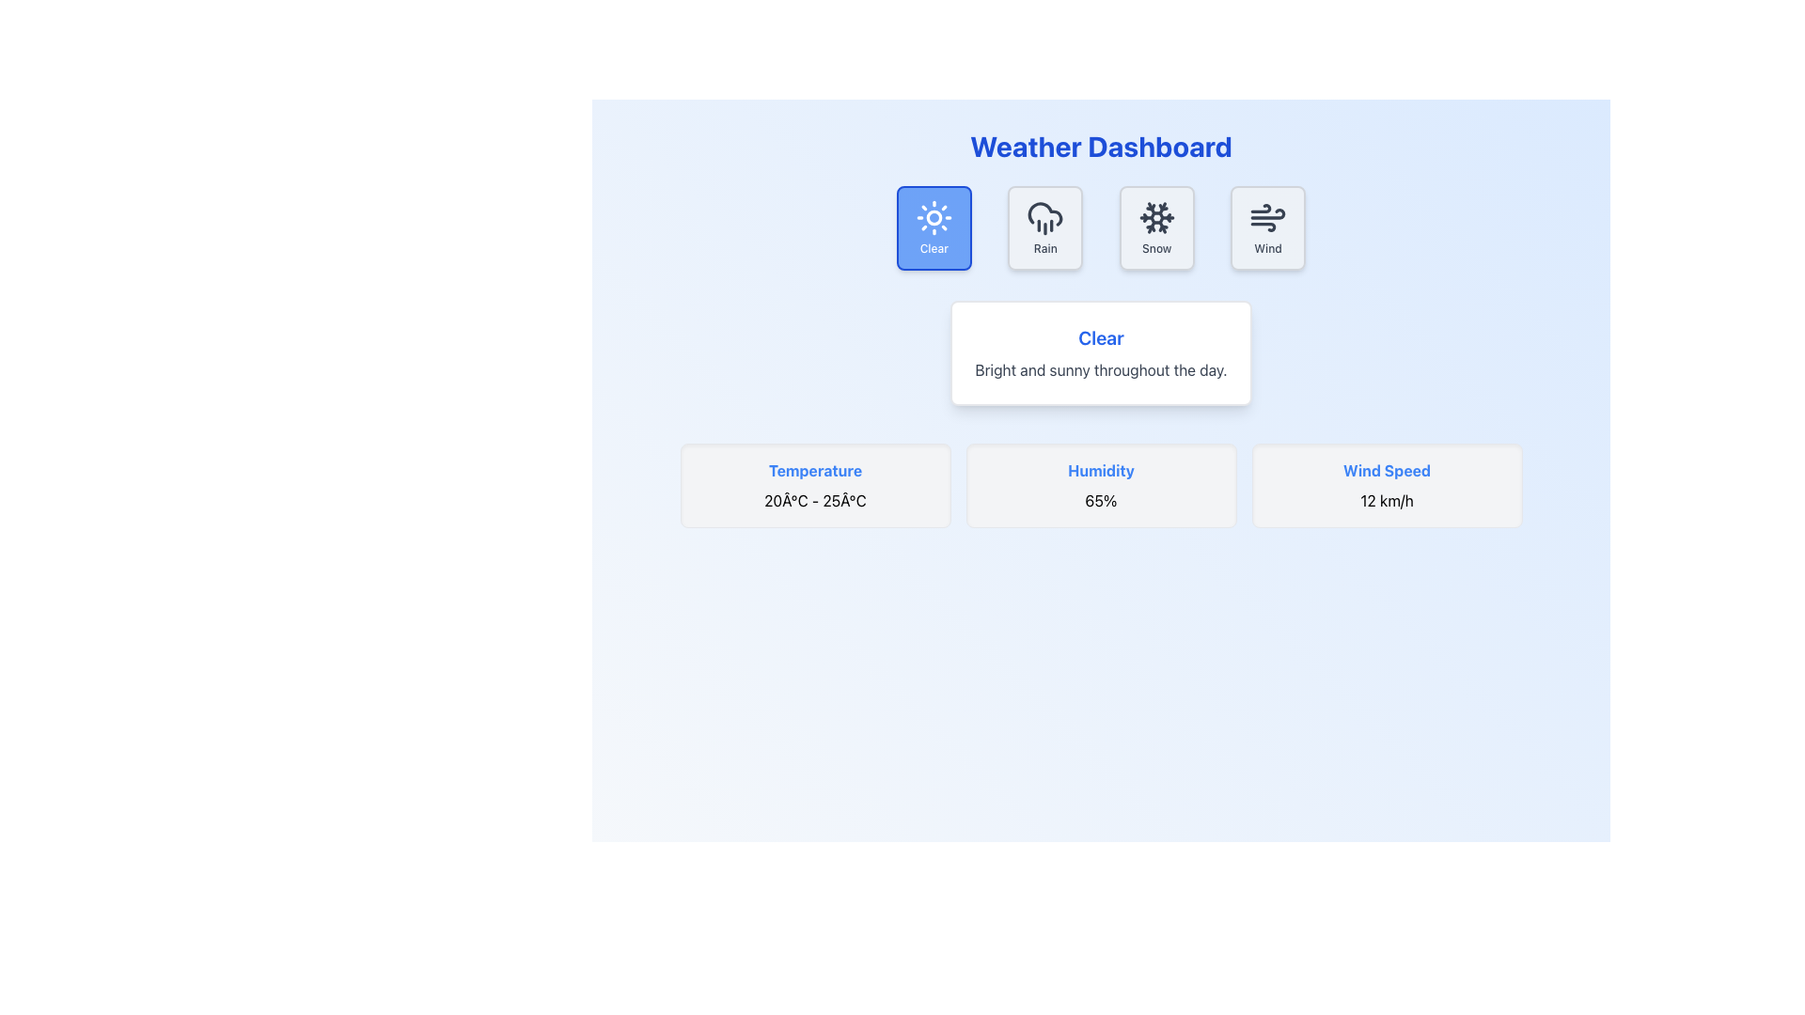 This screenshot has height=1015, width=1805. I want to click on the wind icon, which is a minimalist SVG graphical element with three horizontal curved lines and the text 'Wind' below it, so click(1267, 216).